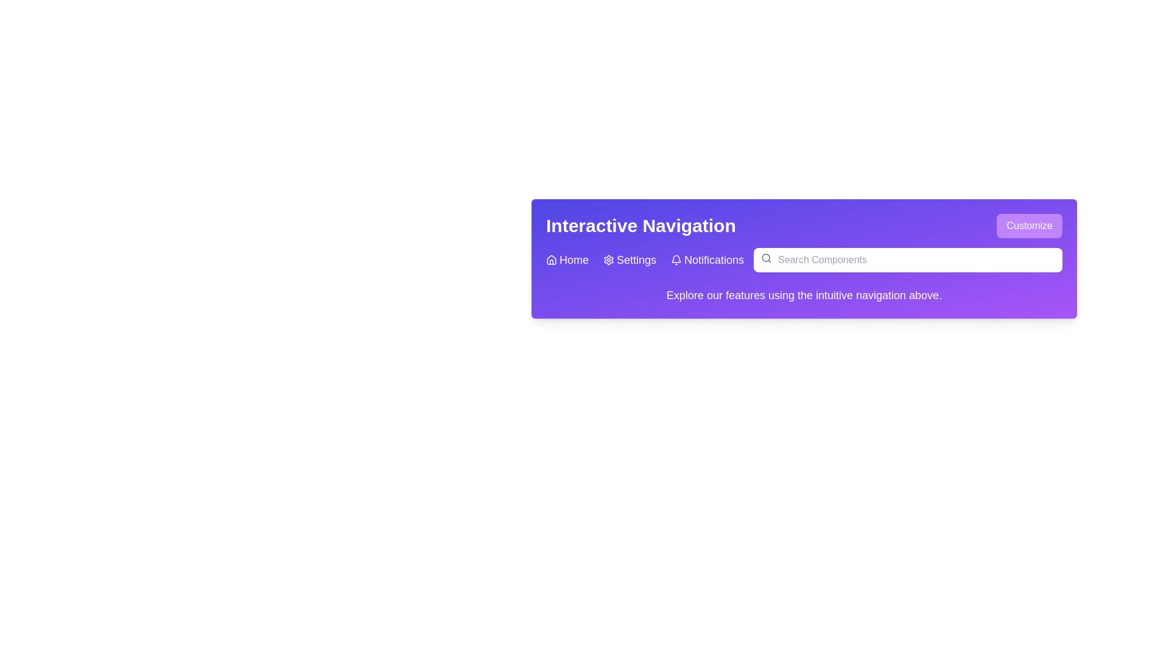 This screenshot has width=1169, height=658. Describe the element at coordinates (804, 295) in the screenshot. I see `the Text Label displaying 'Explore our features using the intuitive navigation above.' which is styled in a white font on a purple gradient background` at that location.